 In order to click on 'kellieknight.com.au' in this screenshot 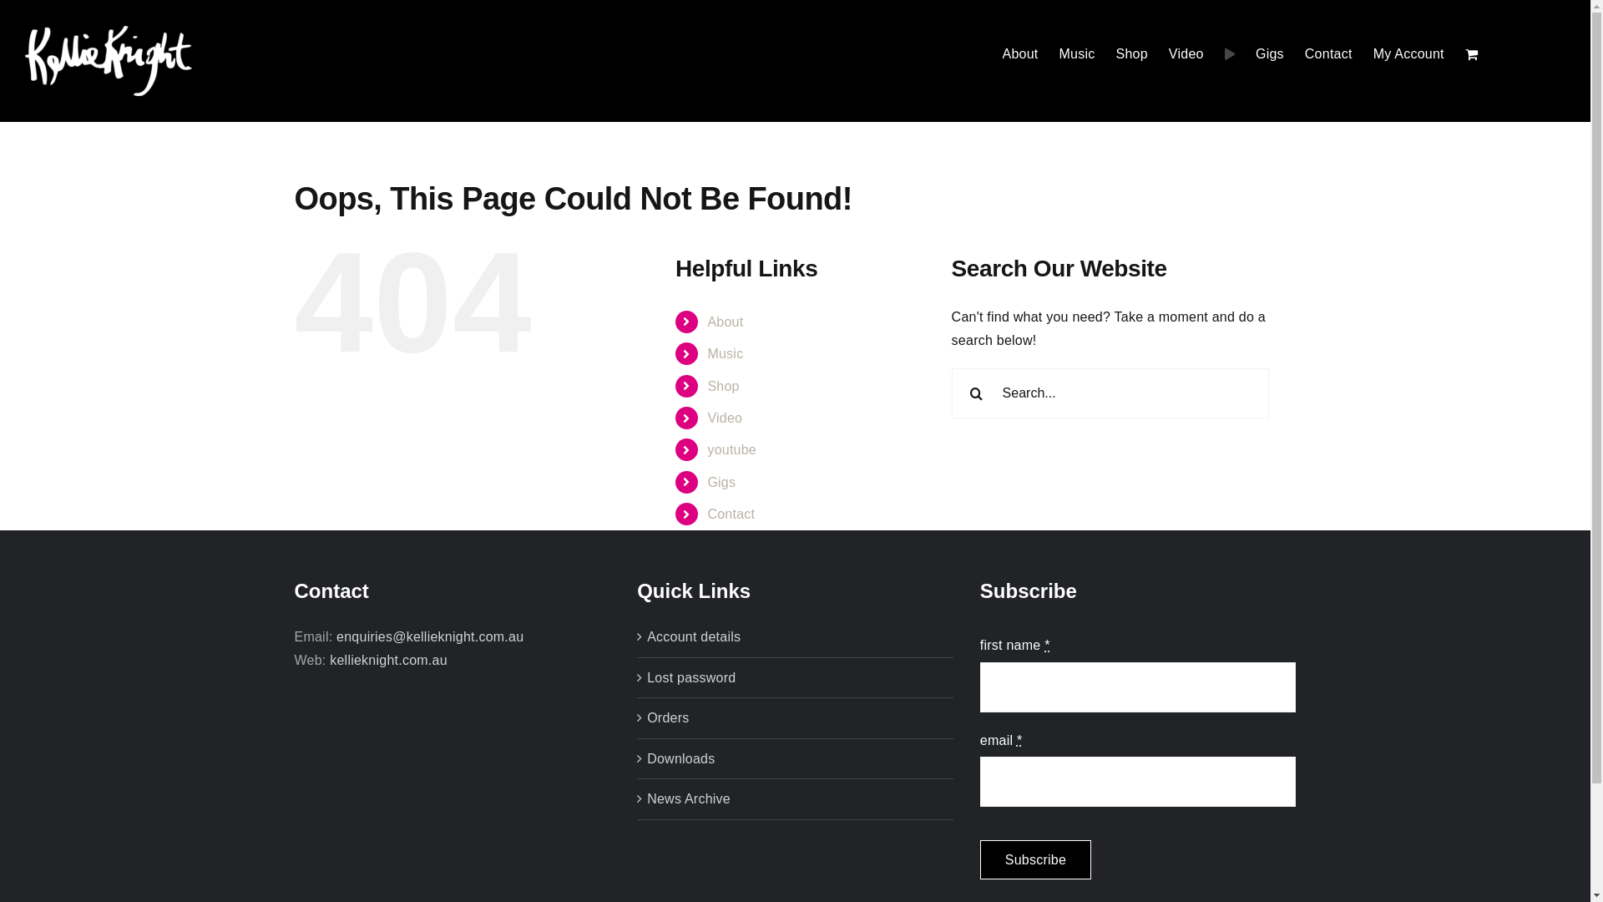, I will do `click(329, 659)`.